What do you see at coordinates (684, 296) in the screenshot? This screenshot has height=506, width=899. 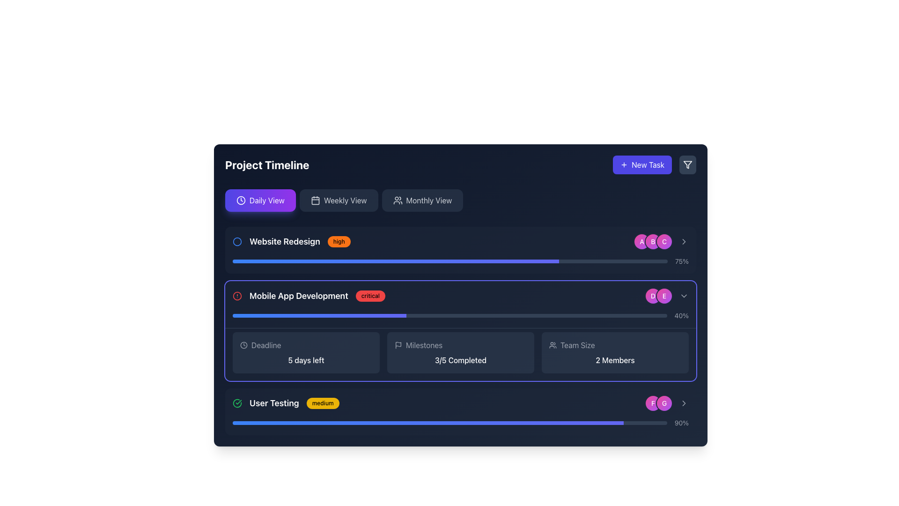 I see `the rightward-facing chevron icon, which has a thin, rounded stroke and light gray color` at bounding box center [684, 296].